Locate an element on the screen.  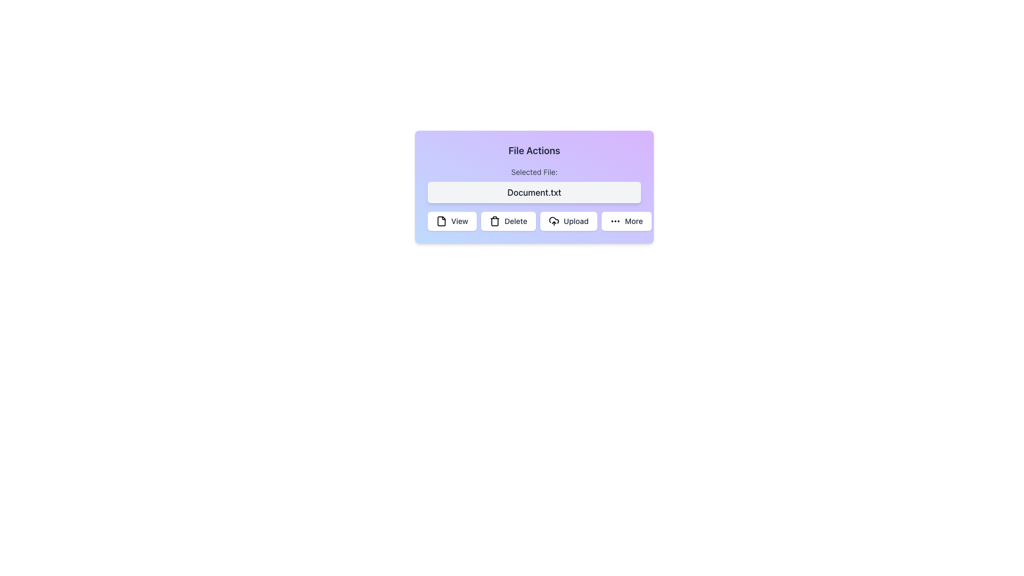
text from the non-interactive label displaying 'Selected File:' located above the text field in the card-style interface is located at coordinates (534, 172).